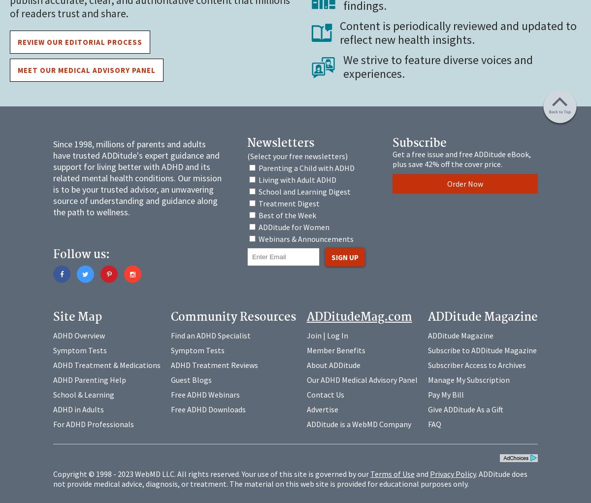 Image resolution: width=591 pixels, height=503 pixels. I want to click on 'Best of the Week', so click(286, 215).